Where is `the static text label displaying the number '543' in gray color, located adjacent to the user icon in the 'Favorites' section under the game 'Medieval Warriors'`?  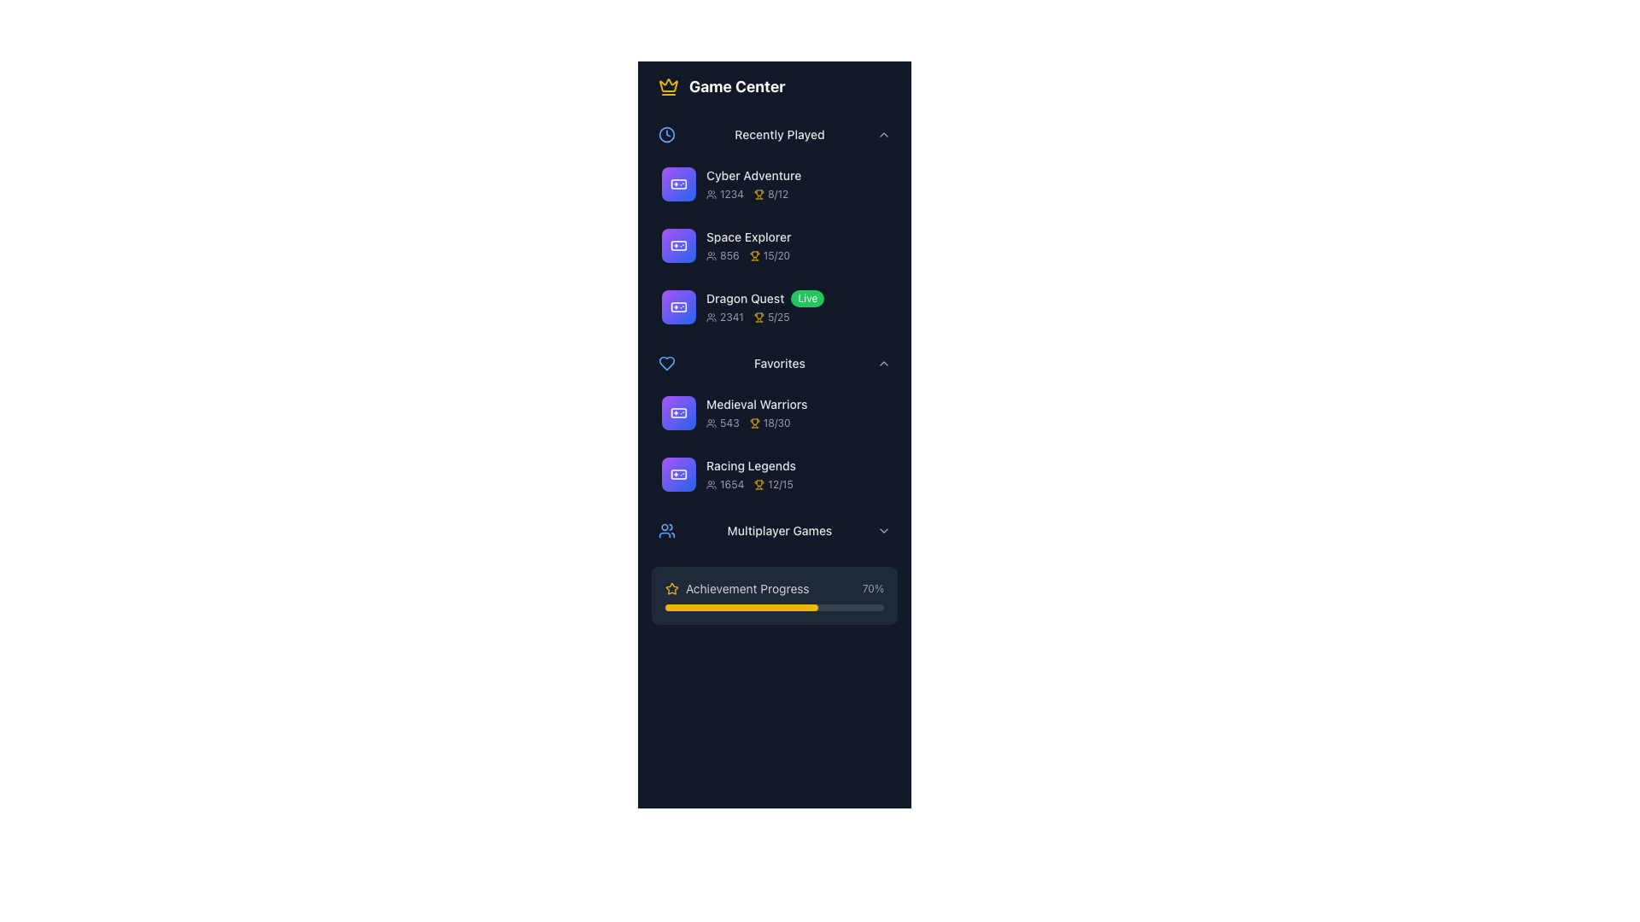 the static text label displaying the number '543' in gray color, located adjacent to the user icon in the 'Favorites' section under the game 'Medieval Warriors' is located at coordinates (729, 423).